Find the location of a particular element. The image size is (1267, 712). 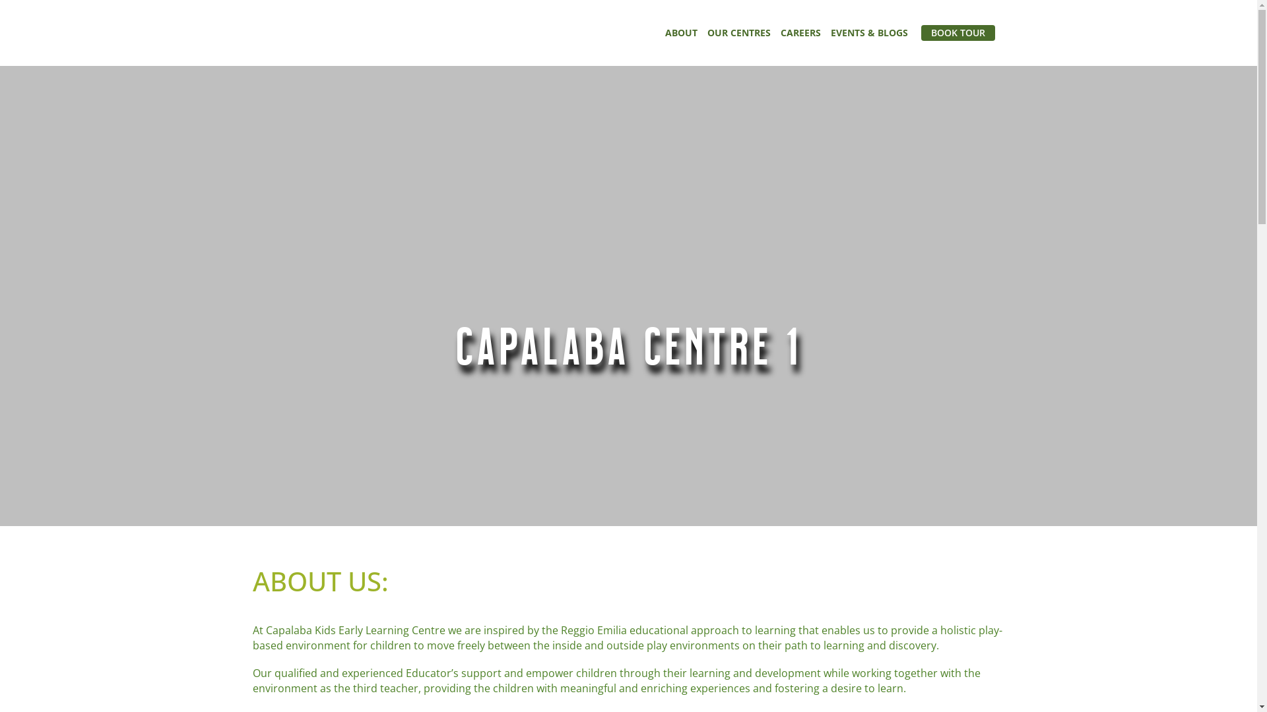

'OUR CENTRES' is located at coordinates (738, 32).